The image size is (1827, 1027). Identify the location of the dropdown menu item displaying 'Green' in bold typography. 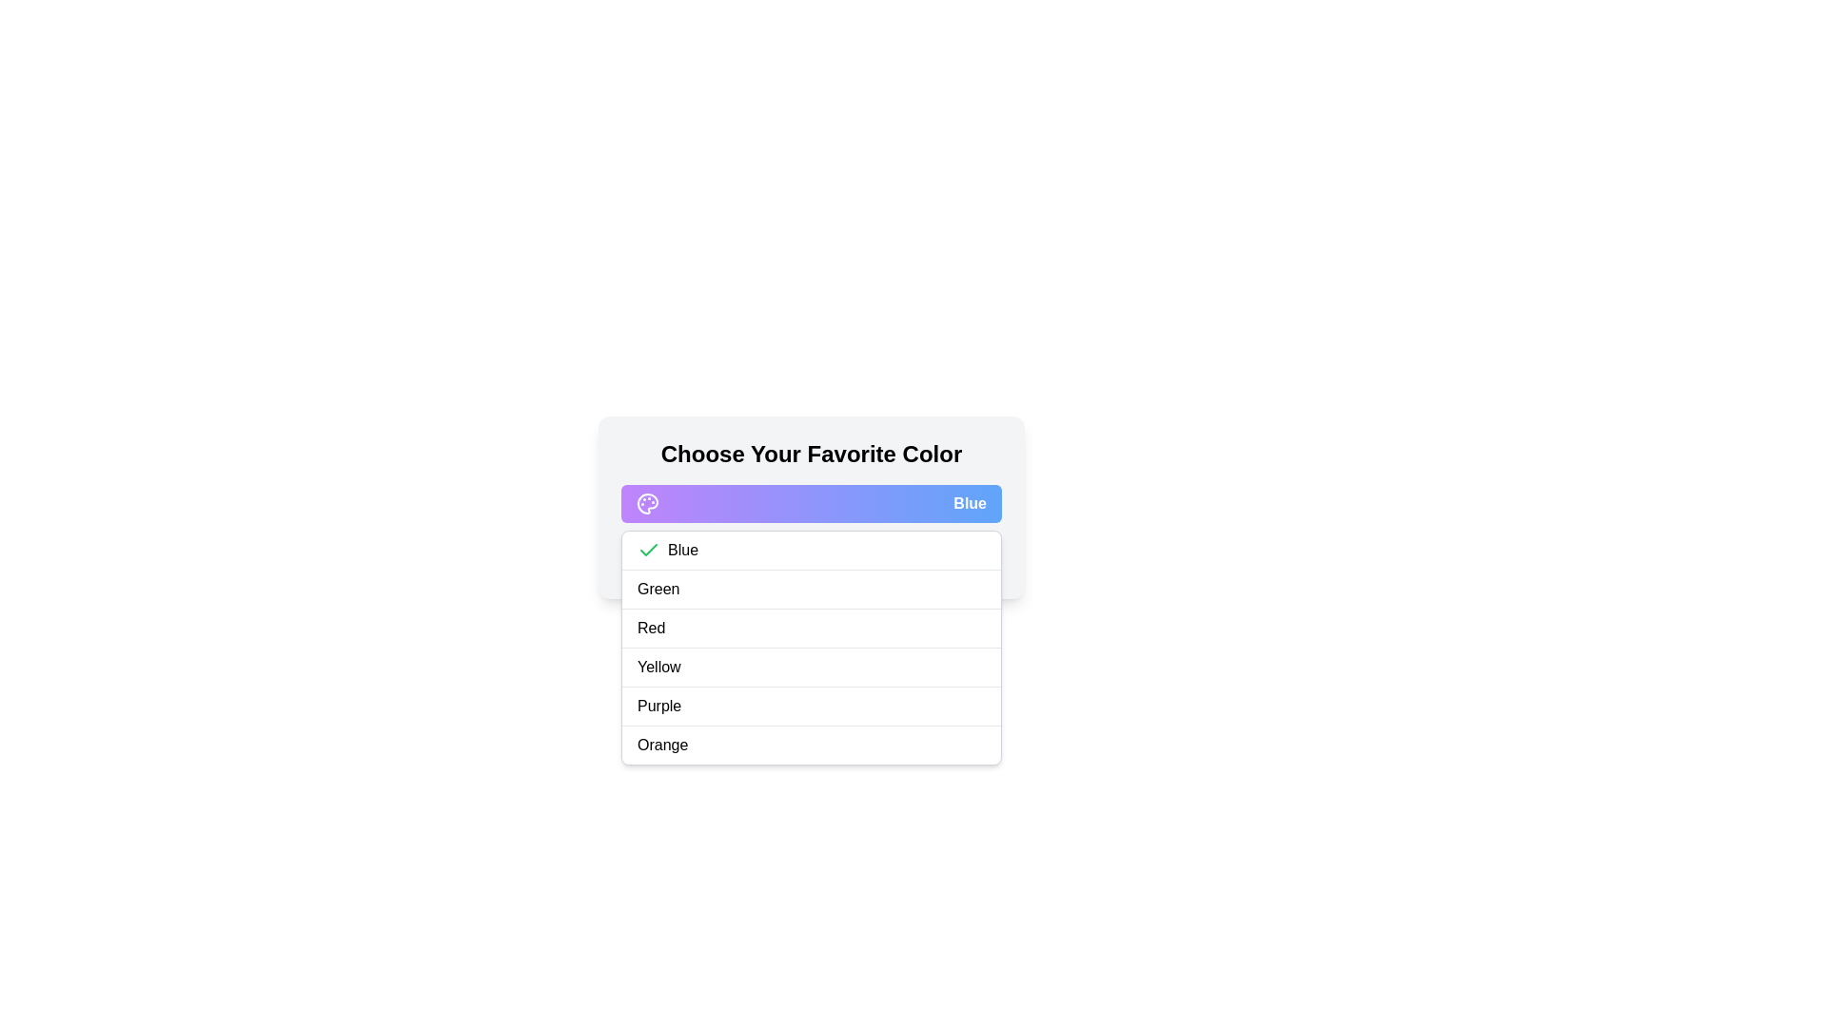
(812, 589).